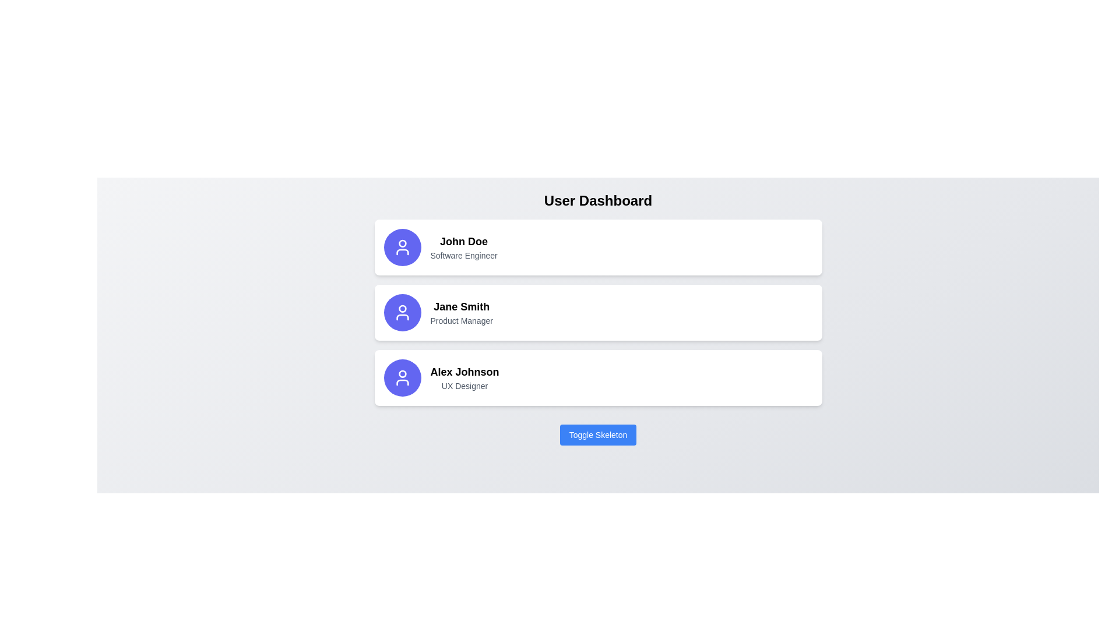  Describe the element at coordinates (463, 246) in the screenshot. I see `information displayed in the Text display element showing 'John Doe' and 'Software Engineer', located in the topmost card under the 'User Dashboard' heading` at that location.